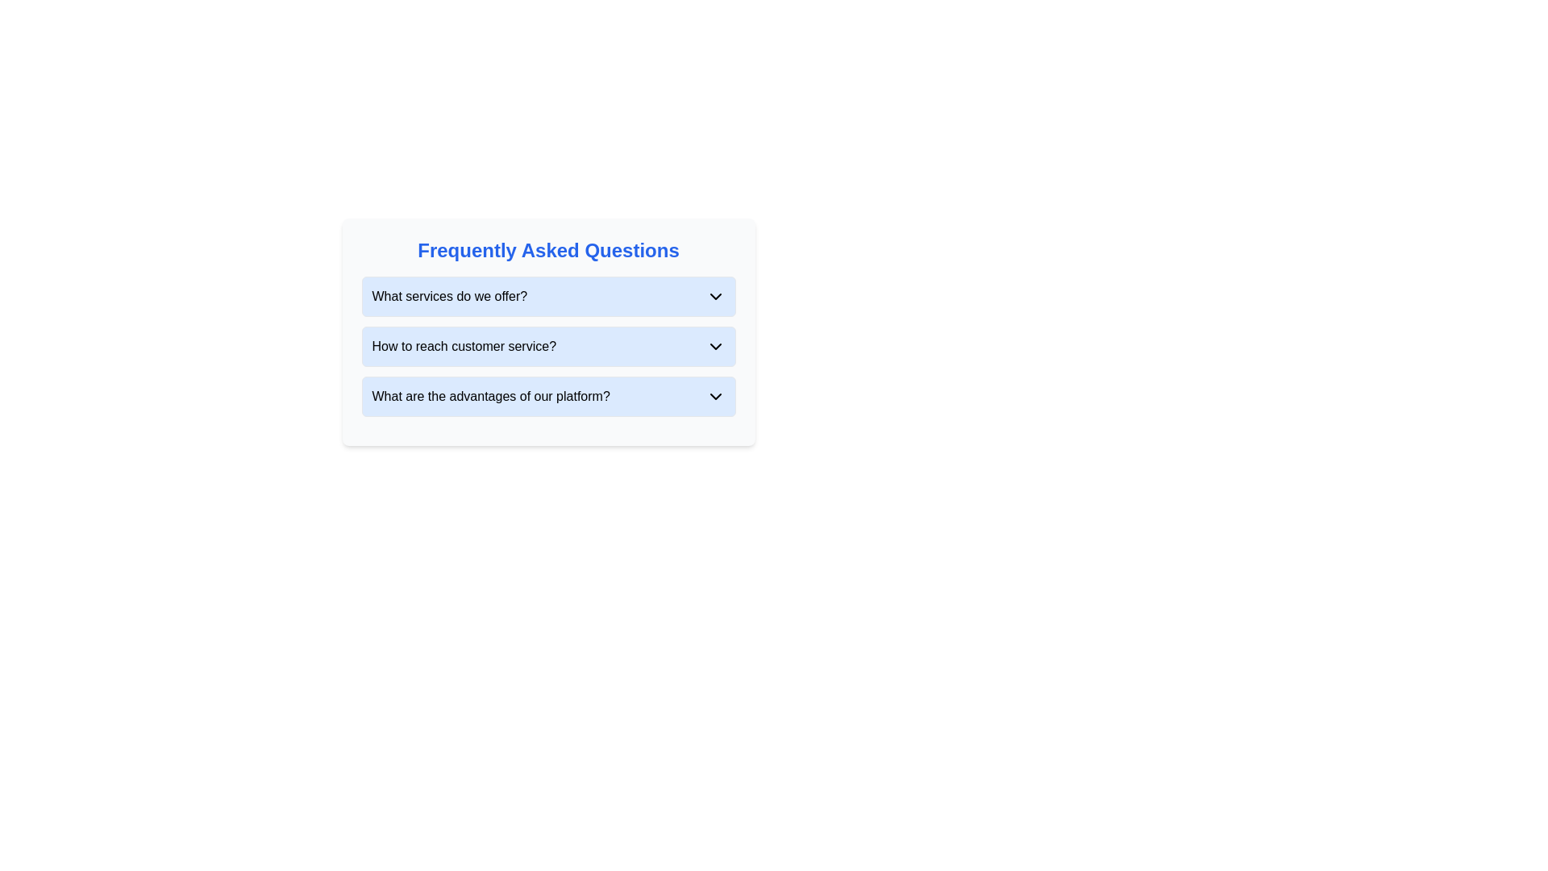  Describe the element at coordinates (463, 345) in the screenshot. I see `the FAQ question text element located between the first question 'What services do we offer?' and the third question 'What are the advantages of our platform?'` at that location.